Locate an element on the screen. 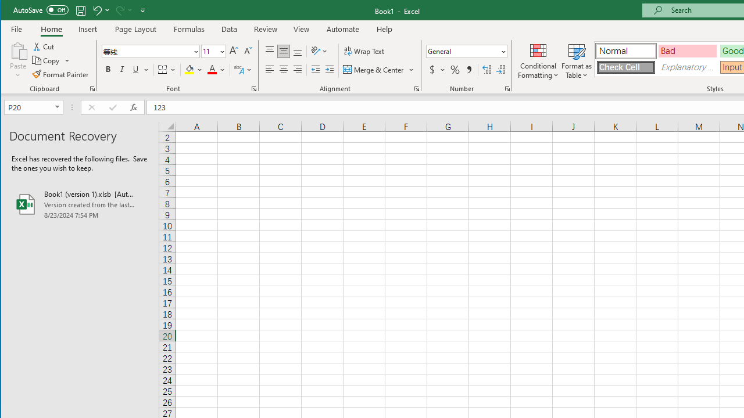 This screenshot has height=418, width=744. 'Increase Font Size' is located at coordinates (233, 51).